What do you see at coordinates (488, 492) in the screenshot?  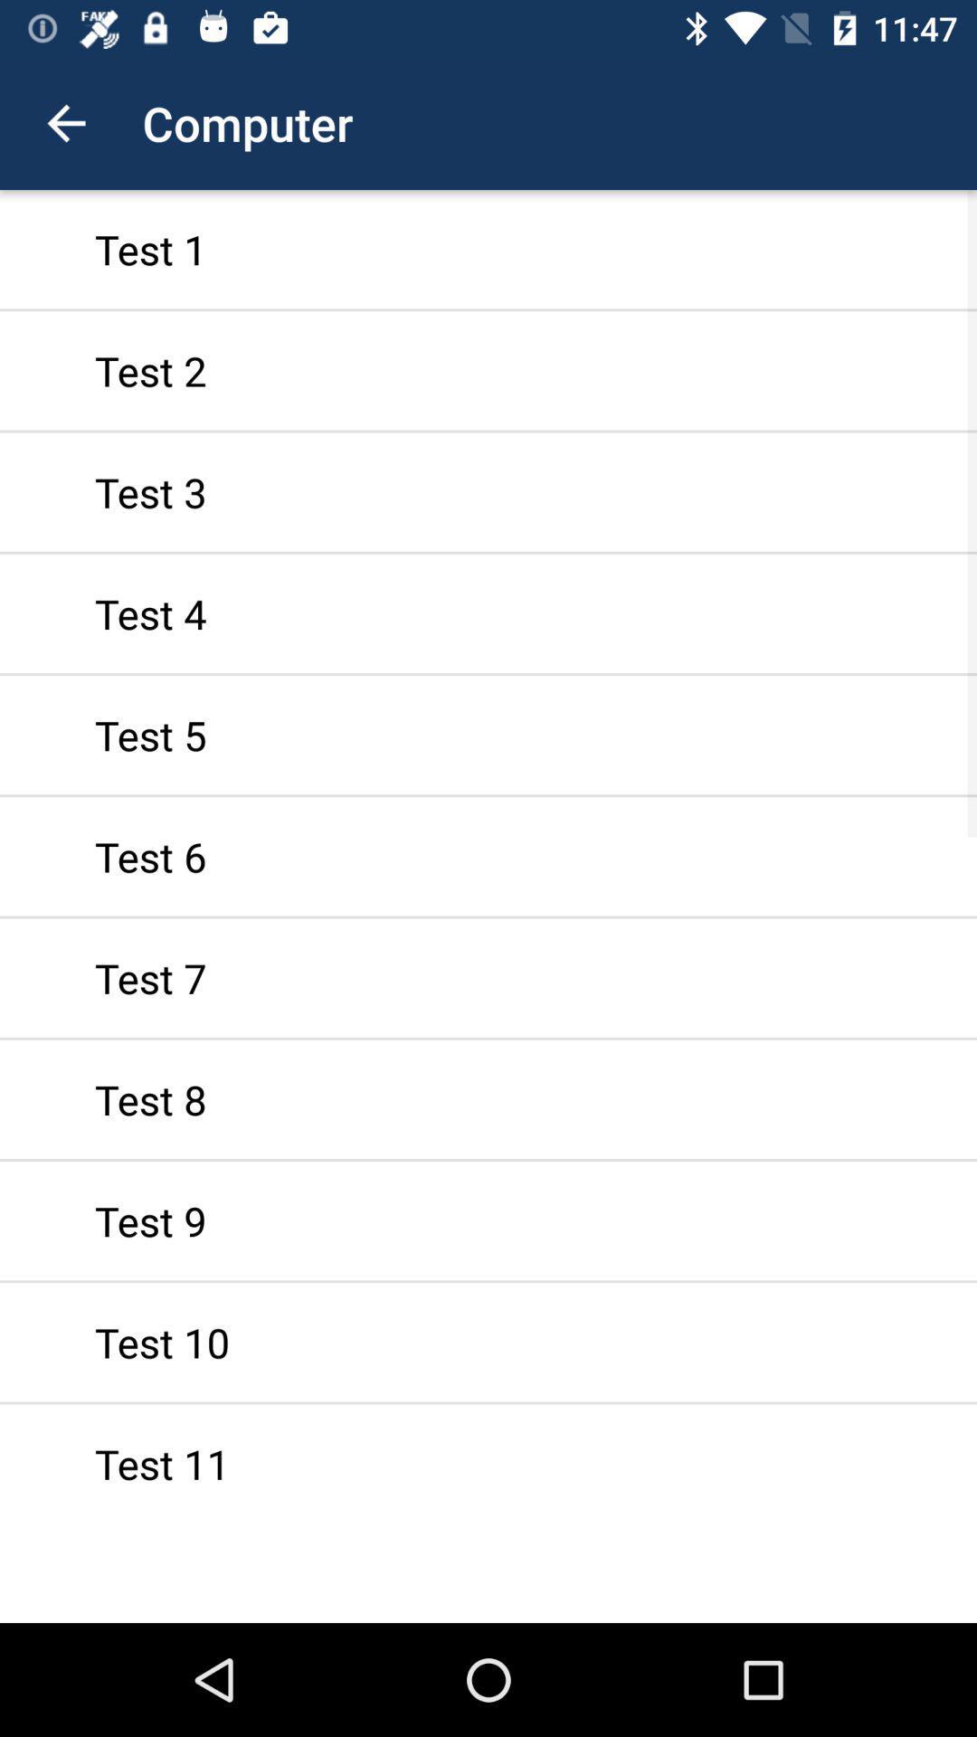 I see `test 3 icon` at bounding box center [488, 492].